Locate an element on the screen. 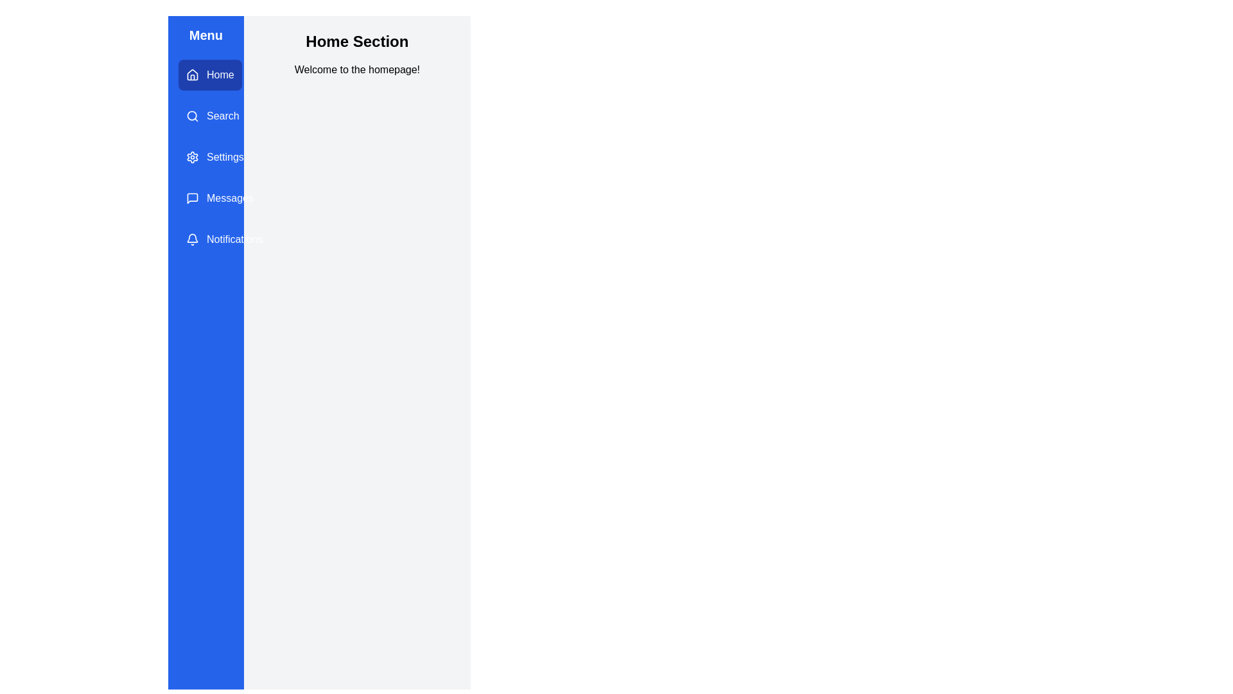  the settings navigation button located between the 'Search' and 'Messages' options in the vertical menu is located at coordinates (205, 157).